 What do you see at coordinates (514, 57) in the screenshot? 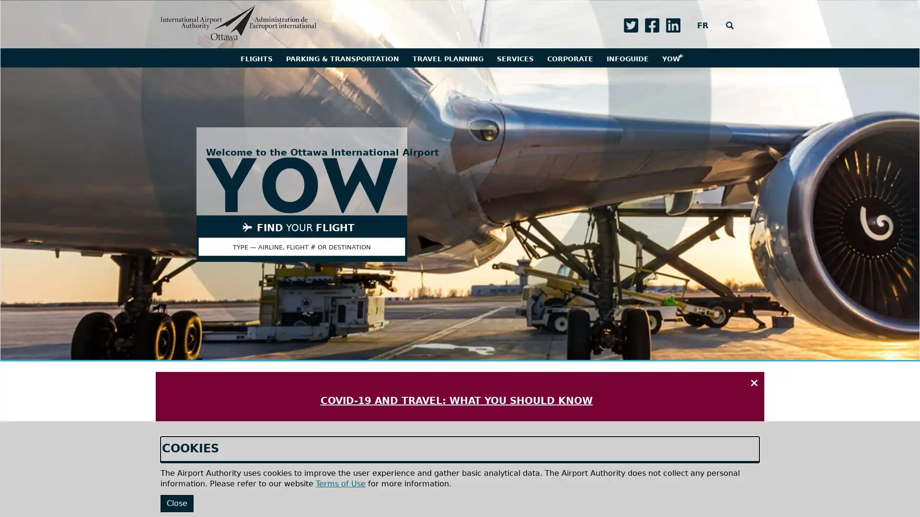
I see `Show Services Sub Menu` at bounding box center [514, 57].